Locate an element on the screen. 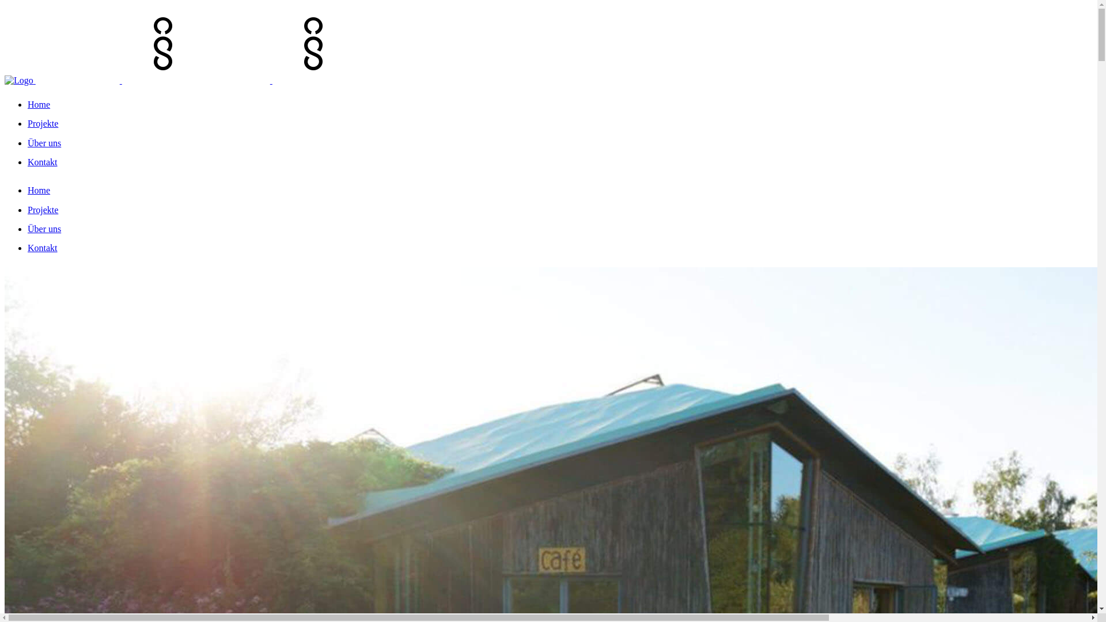  'Kontakt' is located at coordinates (42, 162).